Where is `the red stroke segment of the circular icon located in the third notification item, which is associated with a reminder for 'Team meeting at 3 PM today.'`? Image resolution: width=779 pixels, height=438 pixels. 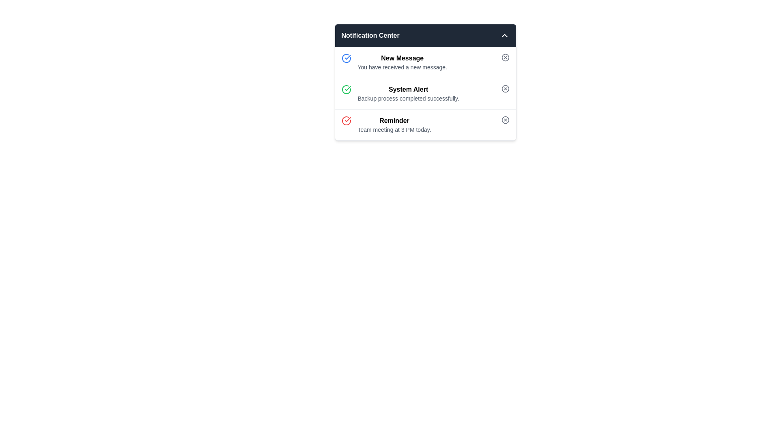 the red stroke segment of the circular icon located in the third notification item, which is associated with a reminder for 'Team meeting at 3 PM today.' is located at coordinates (346, 120).